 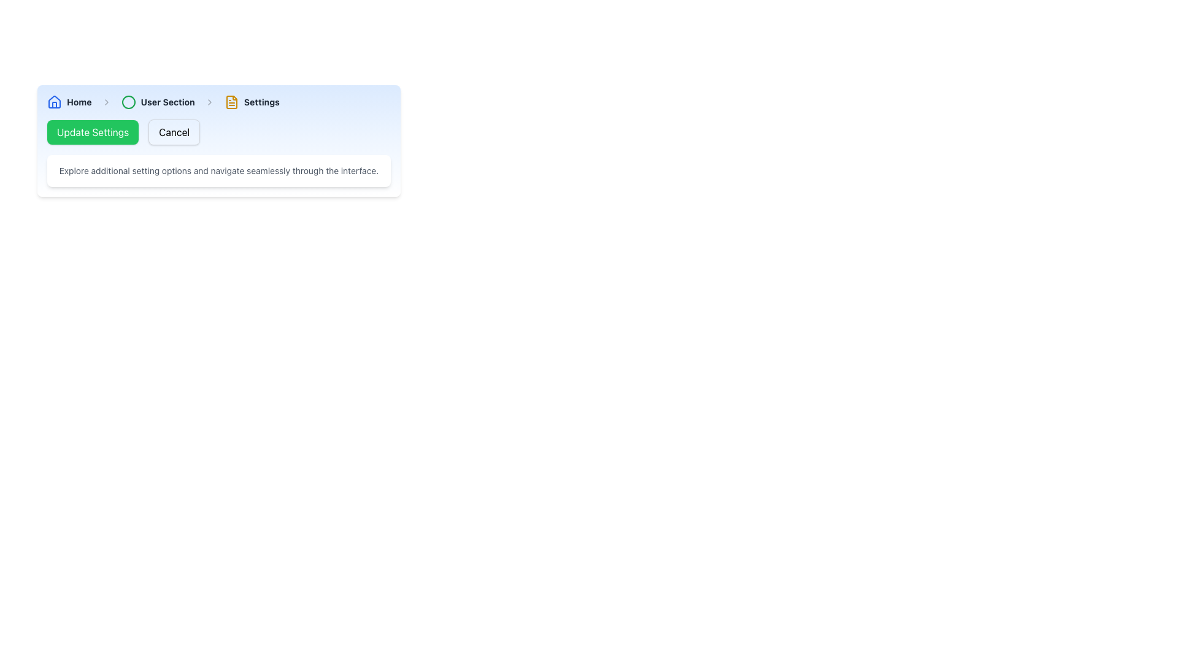 What do you see at coordinates (174, 132) in the screenshot?
I see `the 'Cancel' button, which is styled with a border, rounded corners, and a gray background, located to the right of the 'Update Settings' button in the middle-top region of the interface` at bounding box center [174, 132].